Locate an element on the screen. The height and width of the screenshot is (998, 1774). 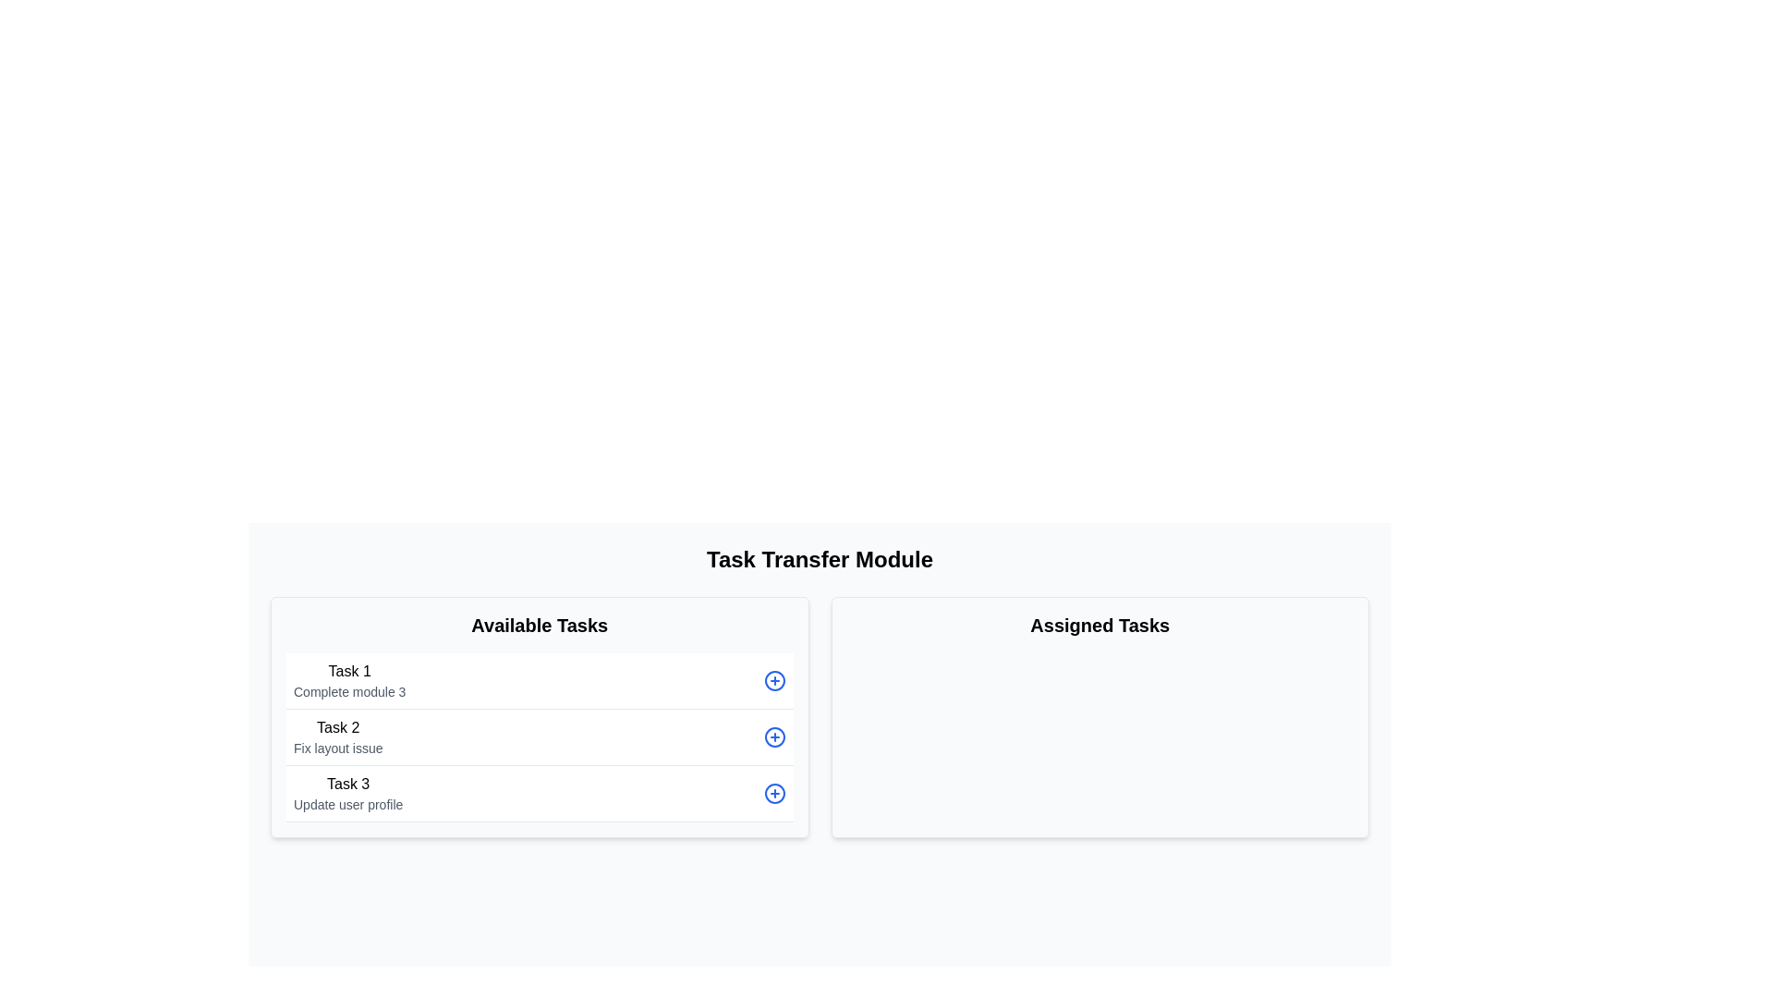
the Text label that provides descriptive information about 'Task 3', located in the bottom section of the 'Available Tasks' column is located at coordinates (348, 804).